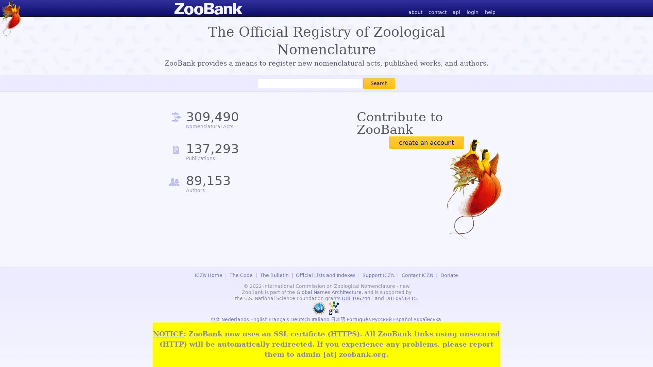  Describe the element at coordinates (379, 83) in the screenshot. I see `Search` at that location.